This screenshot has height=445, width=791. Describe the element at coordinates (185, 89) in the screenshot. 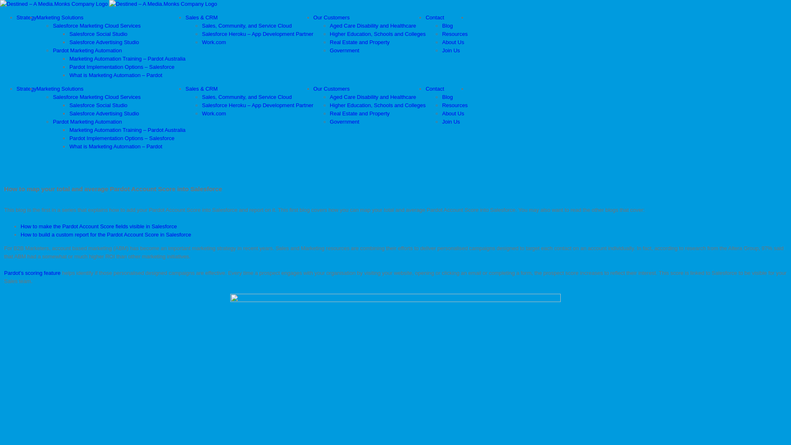

I see `'Sales & CRM'` at that location.